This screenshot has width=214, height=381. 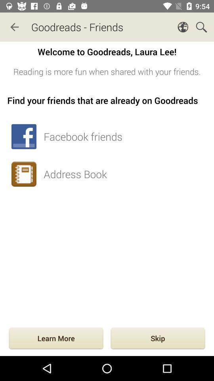 I want to click on the app to the left of the goodreads - friends app, so click(x=14, y=27).